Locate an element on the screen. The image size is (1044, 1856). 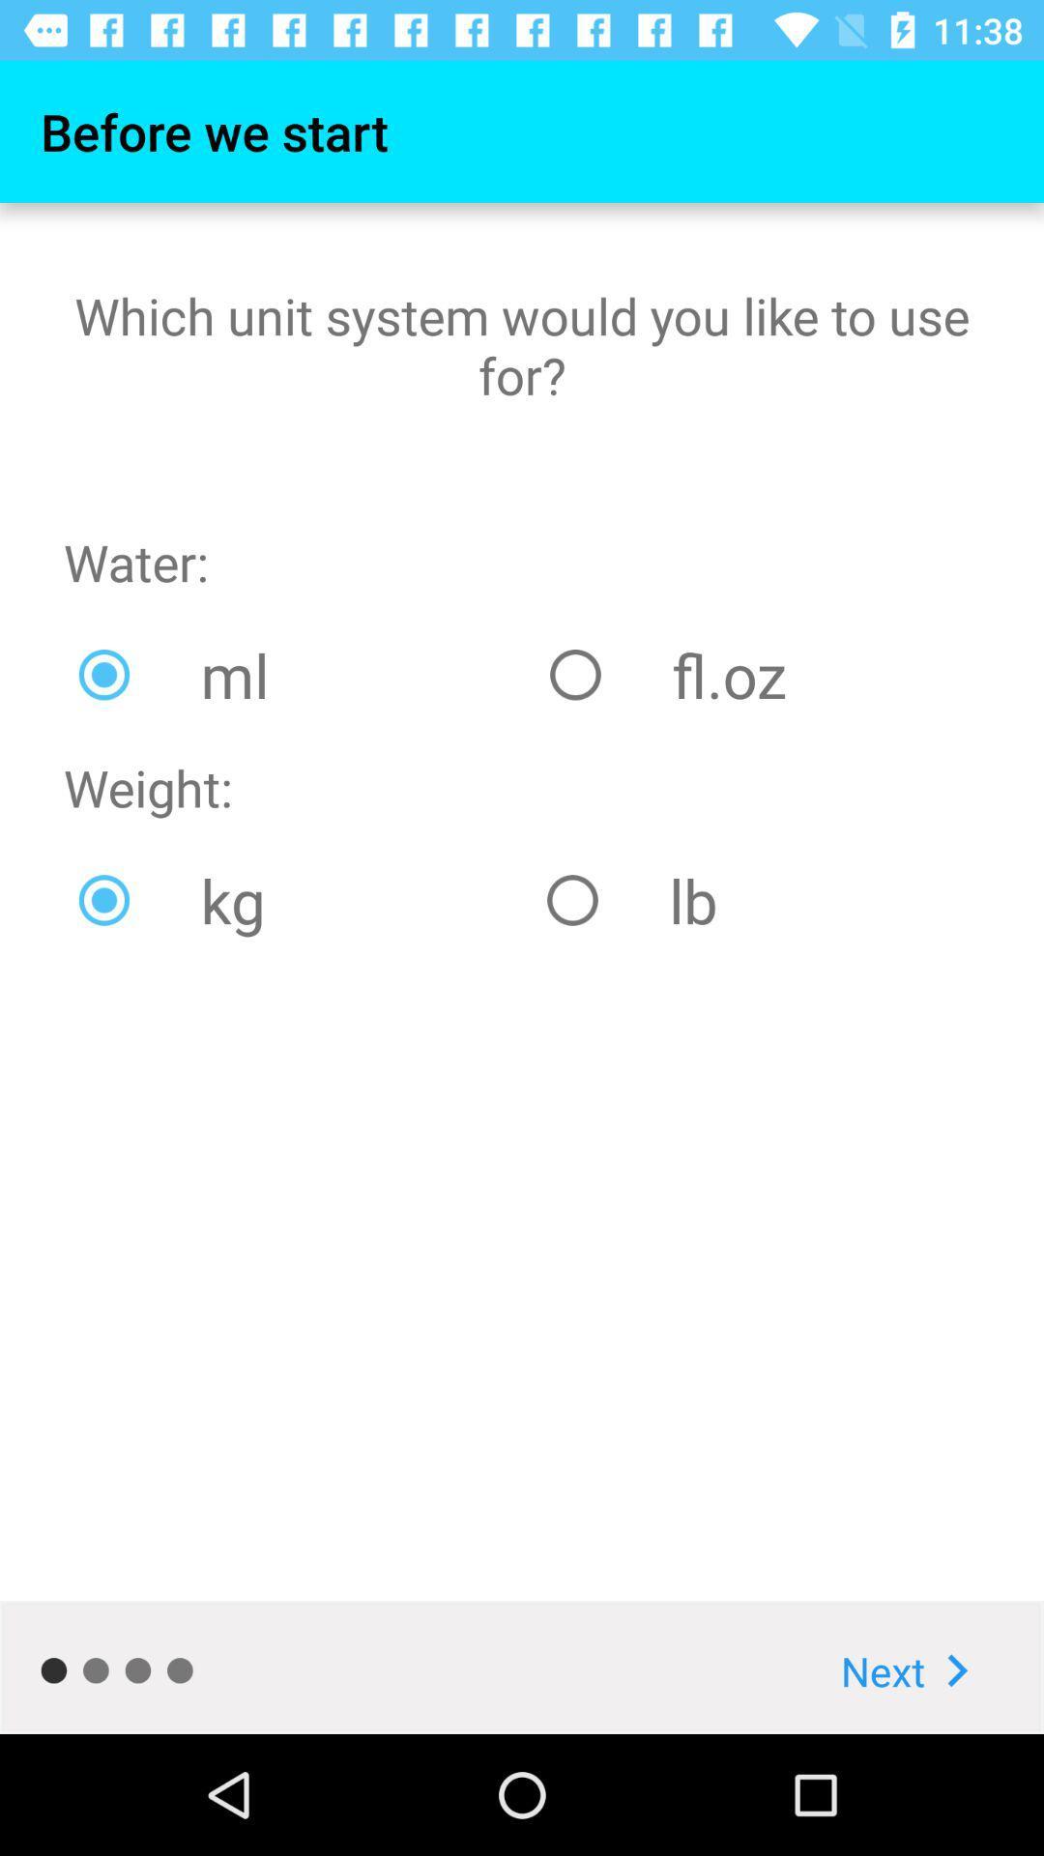
the icon below the water: item is located at coordinates (299, 675).